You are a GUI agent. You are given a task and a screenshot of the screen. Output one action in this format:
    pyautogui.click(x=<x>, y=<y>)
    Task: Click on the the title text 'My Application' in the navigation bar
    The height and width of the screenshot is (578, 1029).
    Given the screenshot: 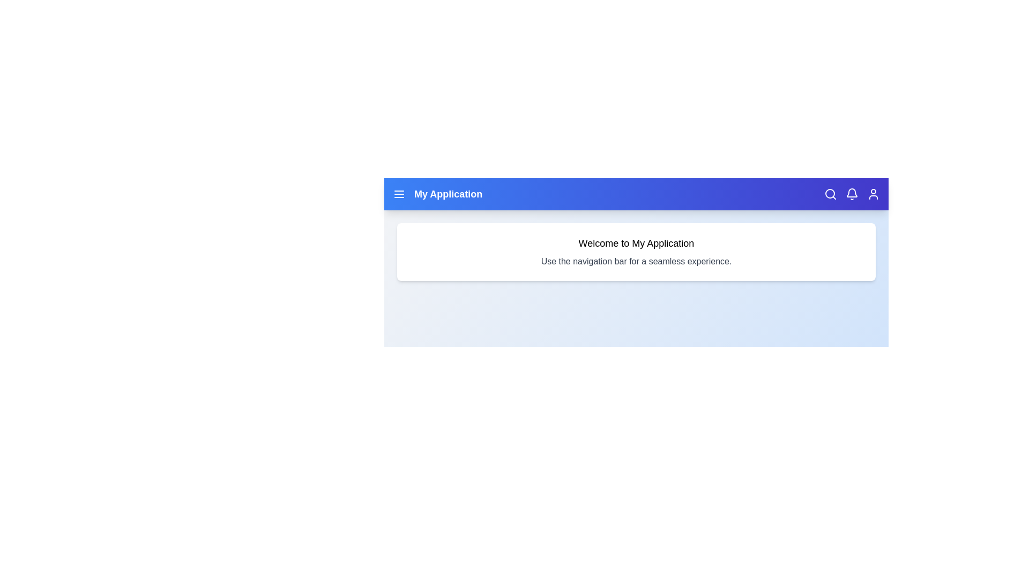 What is the action you would take?
    pyautogui.click(x=448, y=194)
    